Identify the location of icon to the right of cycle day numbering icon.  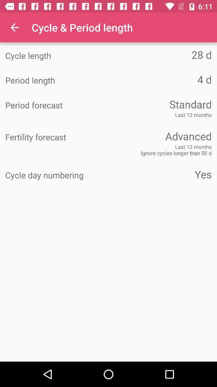
(160, 174).